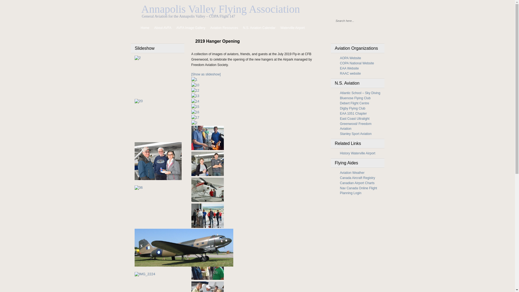  I want to click on 'Home', so click(142, 28).